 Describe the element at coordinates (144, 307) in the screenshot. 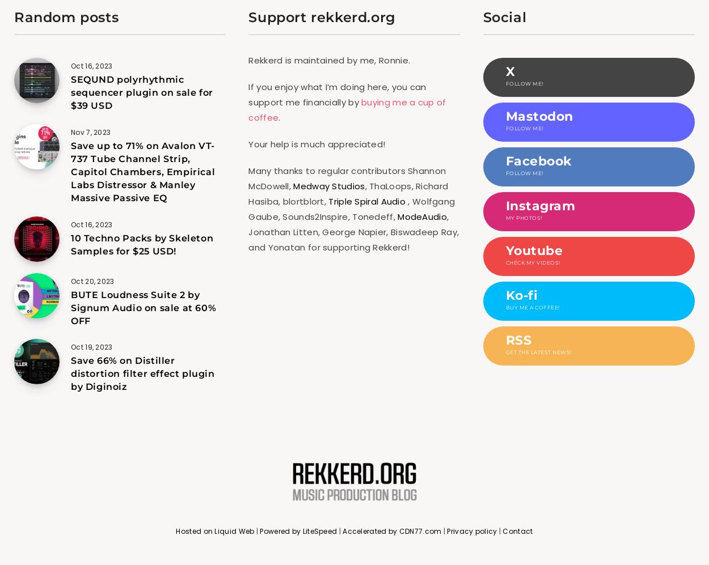

I see `'BUTE Loudness Suite 2 by Signum Audio on sale at 60% OFF'` at that location.